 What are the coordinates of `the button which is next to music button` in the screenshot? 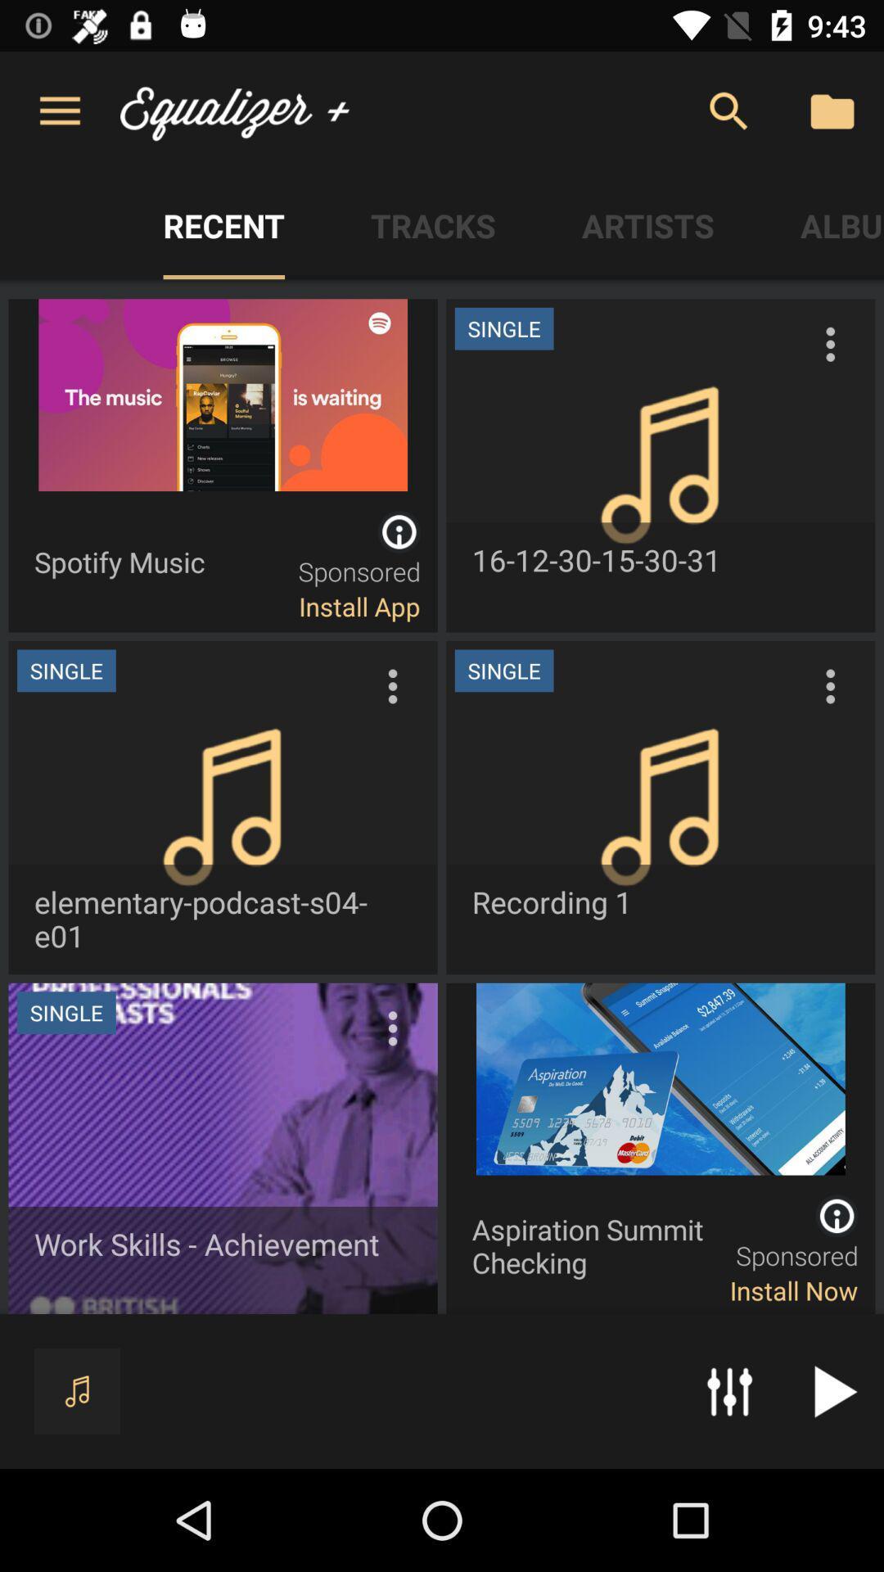 It's located at (728, 1390).